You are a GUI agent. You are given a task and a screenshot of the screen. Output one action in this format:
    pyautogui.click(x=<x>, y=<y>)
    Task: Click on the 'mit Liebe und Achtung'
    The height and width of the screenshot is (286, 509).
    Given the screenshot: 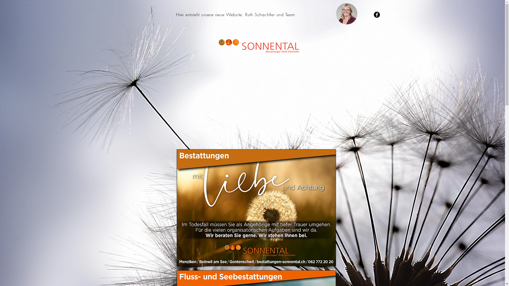 What is the action you would take?
    pyautogui.click(x=256, y=207)
    